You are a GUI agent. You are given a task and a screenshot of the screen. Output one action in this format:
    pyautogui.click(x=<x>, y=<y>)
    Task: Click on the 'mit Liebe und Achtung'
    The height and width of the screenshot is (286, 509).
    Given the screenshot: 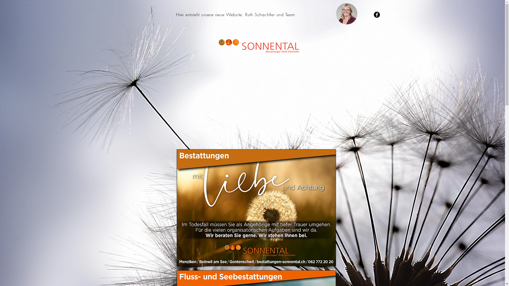 What is the action you would take?
    pyautogui.click(x=256, y=207)
    